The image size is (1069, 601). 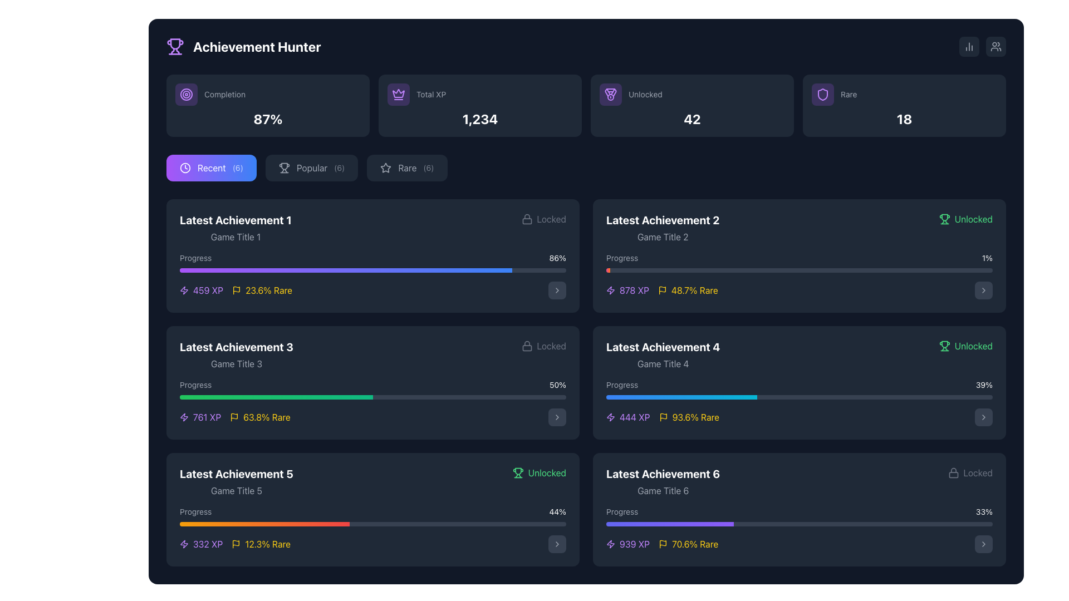 What do you see at coordinates (687, 289) in the screenshot?
I see `the rarity percentage label and icon located to the right of '878 XP' within the second rectangular achievement block in the second column` at bounding box center [687, 289].